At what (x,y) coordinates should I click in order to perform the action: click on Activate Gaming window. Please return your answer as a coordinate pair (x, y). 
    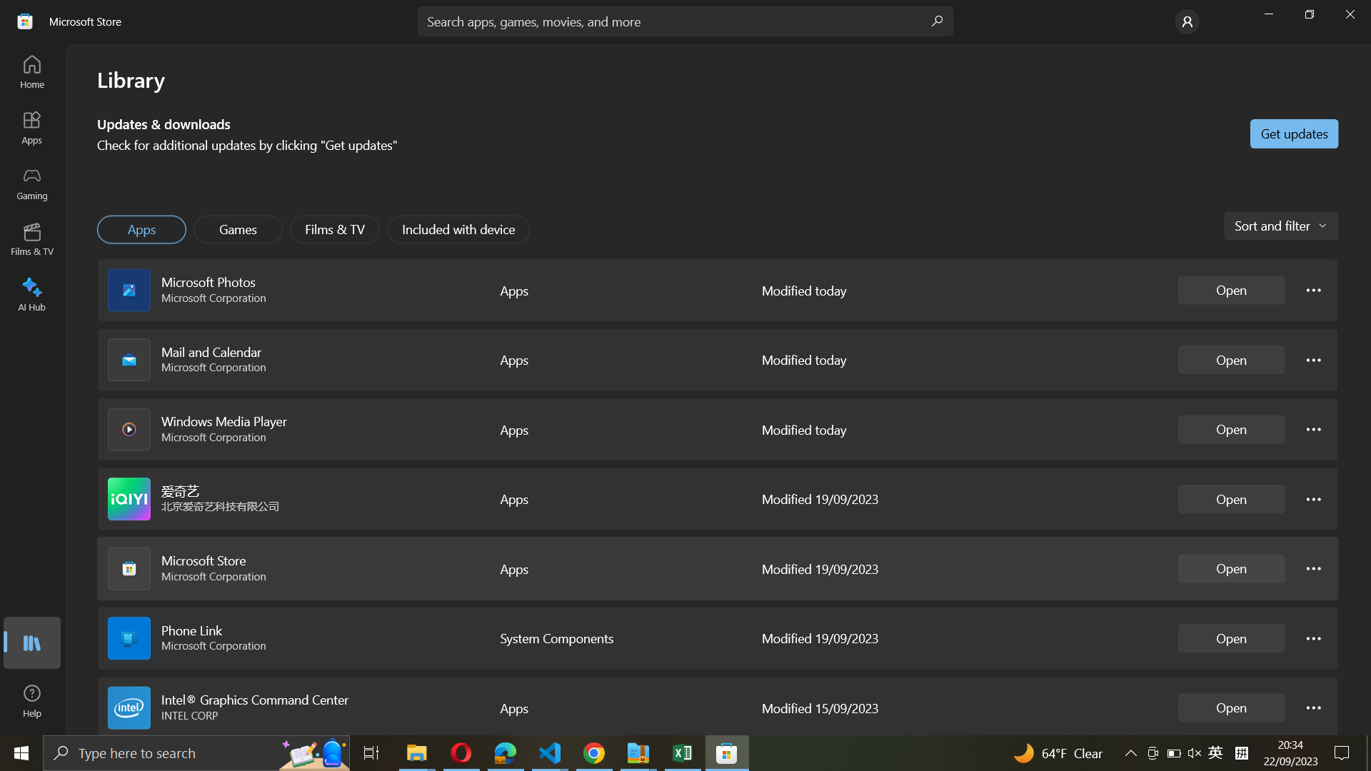
    Looking at the image, I should click on (34, 183).